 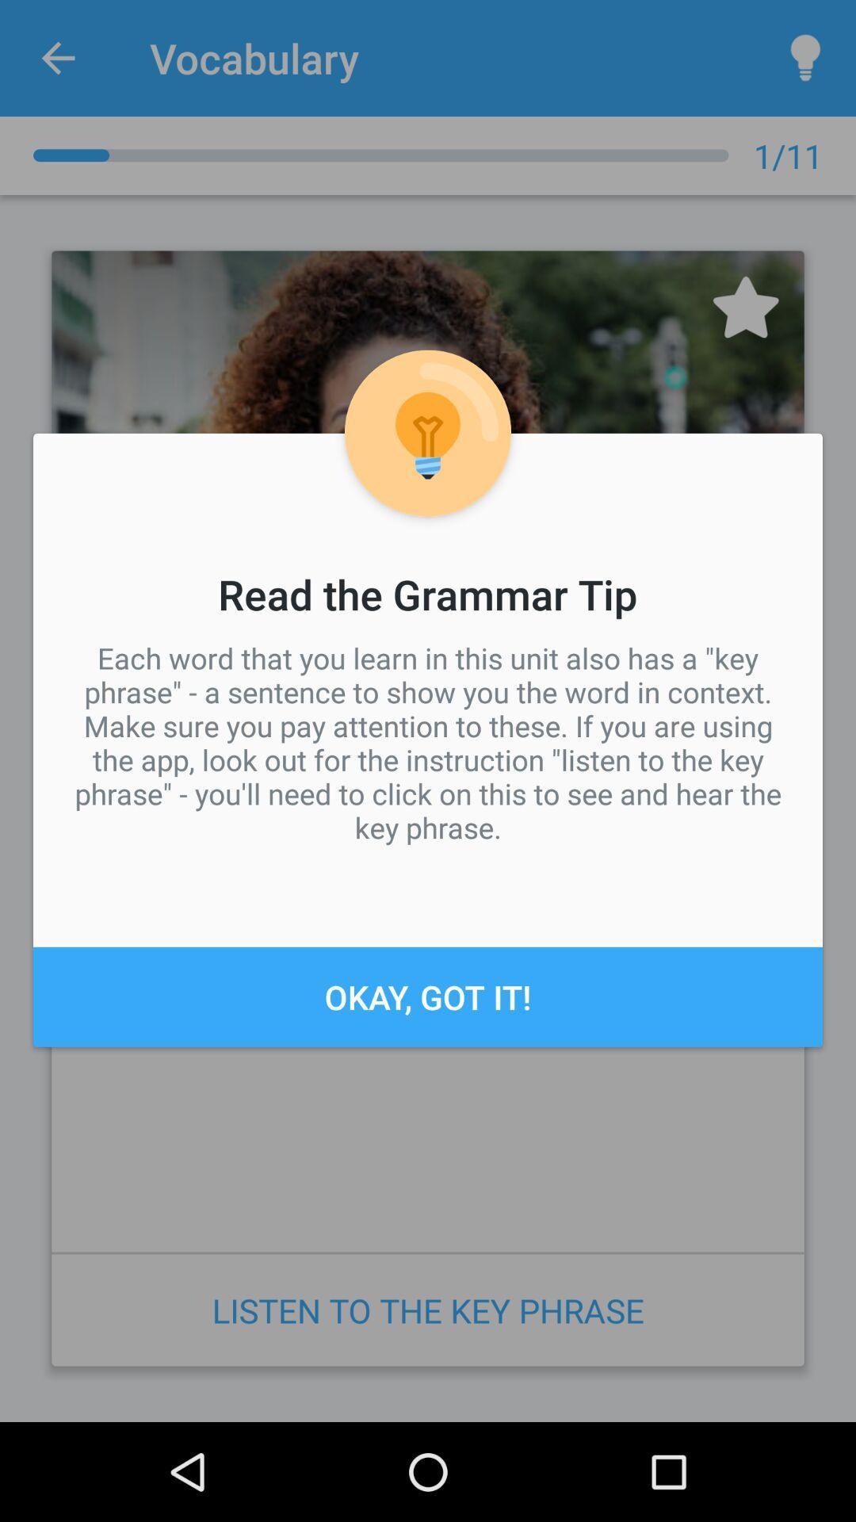 What do you see at coordinates (428, 996) in the screenshot?
I see `the okay, got it! item` at bounding box center [428, 996].